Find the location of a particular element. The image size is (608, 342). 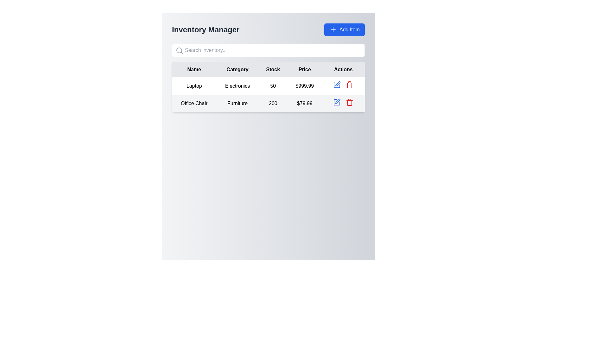

the table cell displaying the stock quantity '50' for the product 'Laptop' in the inventory system, located in the third column of the first row under the 'Stock' header is located at coordinates (273, 86).